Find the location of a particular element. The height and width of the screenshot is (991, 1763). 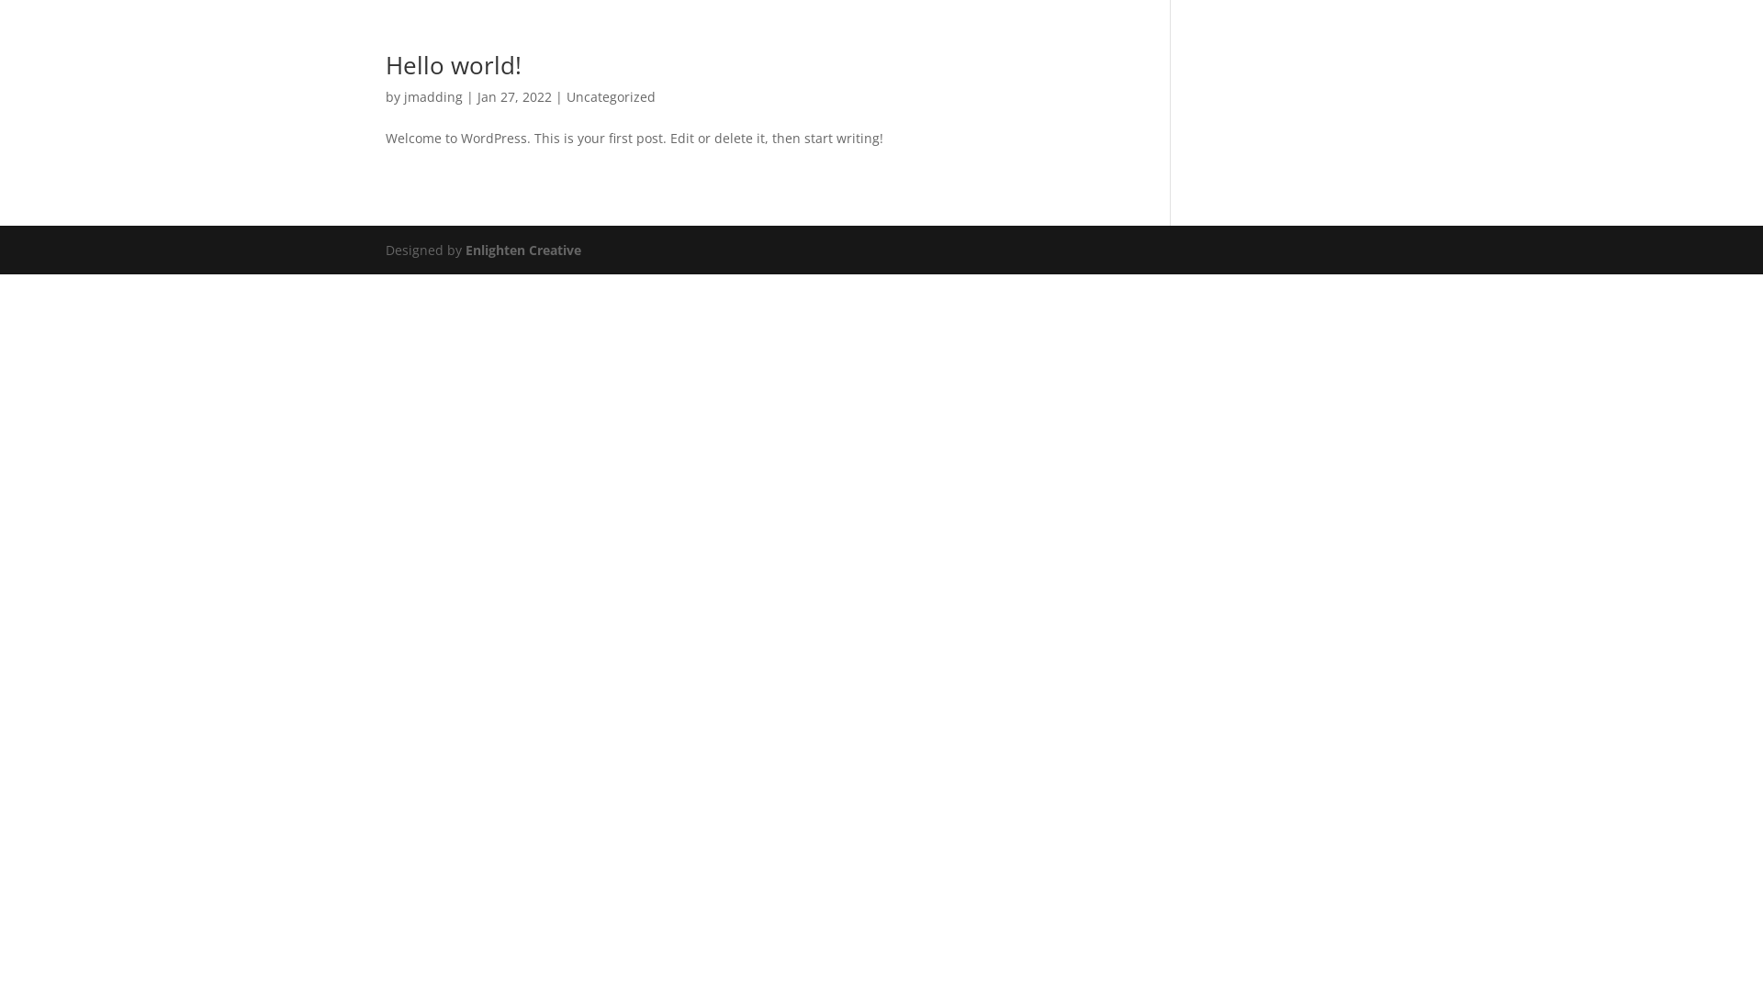

'Enlighten Creative' is located at coordinates (522, 250).